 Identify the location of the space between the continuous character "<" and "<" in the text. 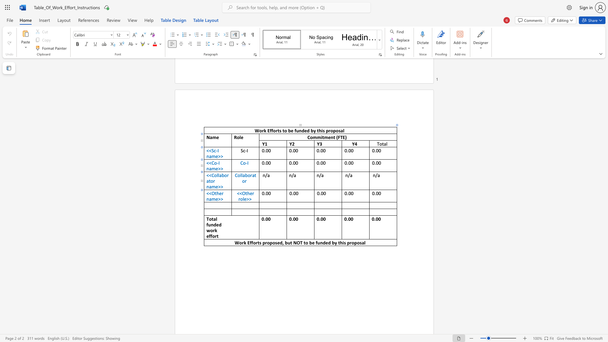
(209, 193).